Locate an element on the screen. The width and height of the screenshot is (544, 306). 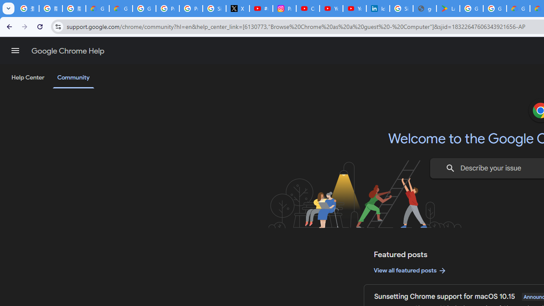
'X' is located at coordinates (238, 8).